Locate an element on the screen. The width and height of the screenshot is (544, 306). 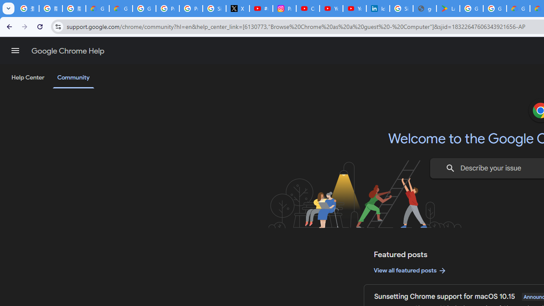
'X' is located at coordinates (238, 8).